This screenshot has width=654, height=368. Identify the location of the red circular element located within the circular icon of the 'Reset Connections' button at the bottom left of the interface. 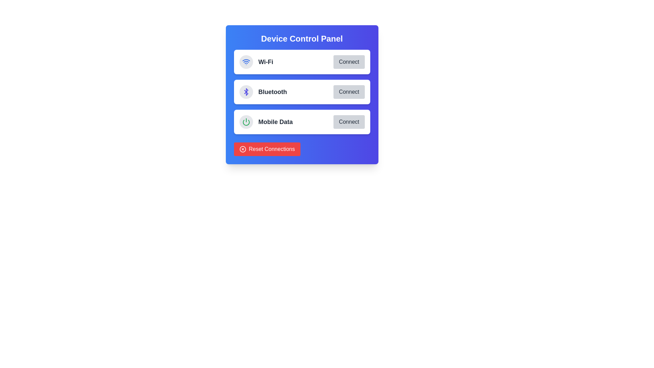
(243, 149).